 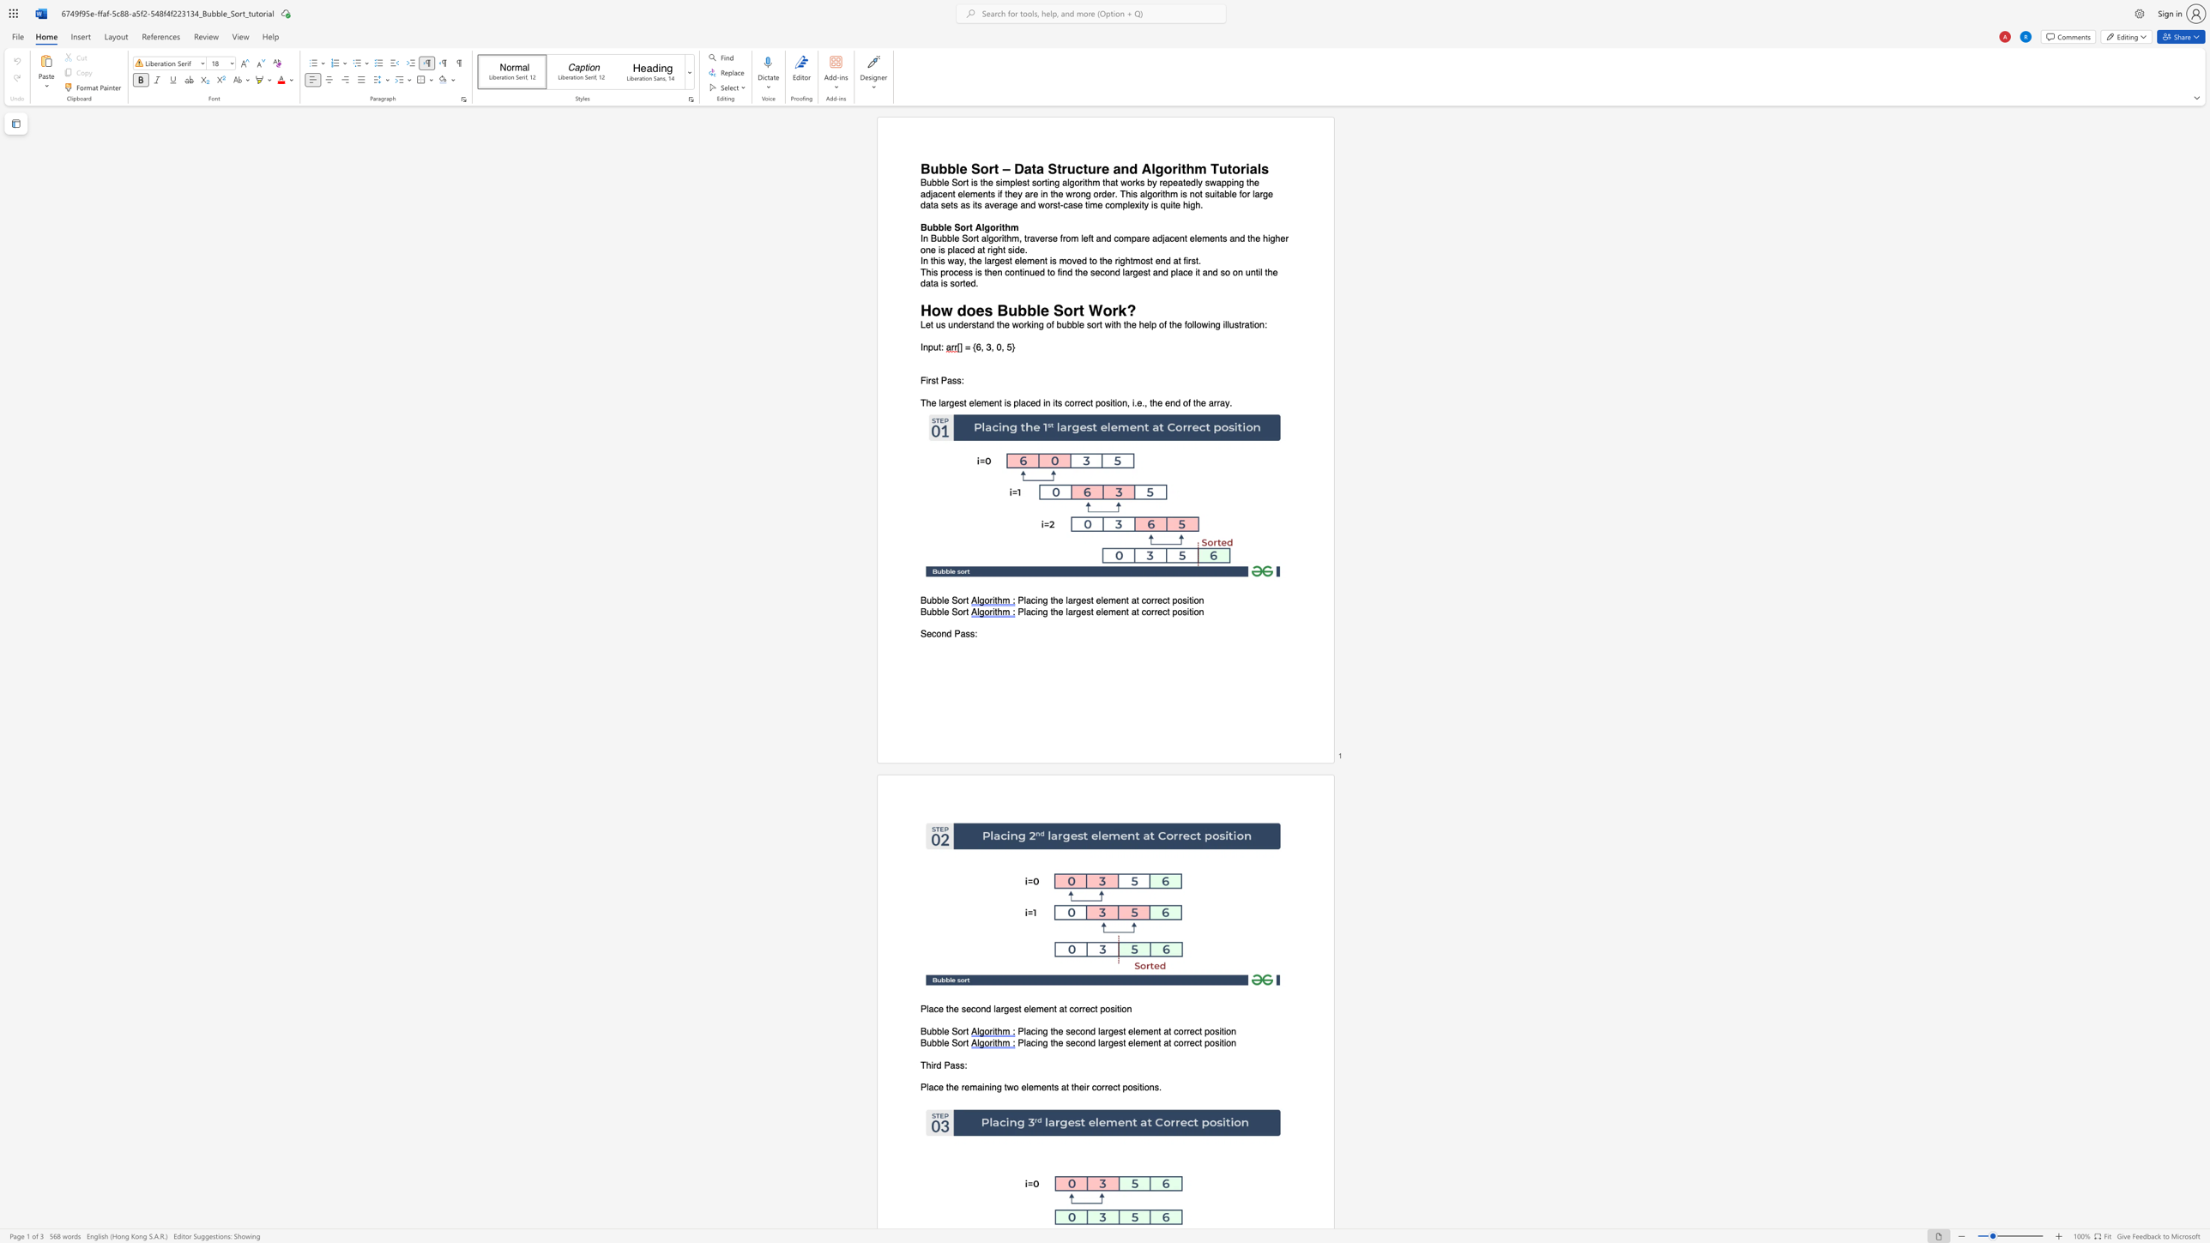 I want to click on the subset text "Sort – Data Stru" within the text "Bubble Sort – Data Structure and Algorithm Tutorials", so click(x=969, y=168).